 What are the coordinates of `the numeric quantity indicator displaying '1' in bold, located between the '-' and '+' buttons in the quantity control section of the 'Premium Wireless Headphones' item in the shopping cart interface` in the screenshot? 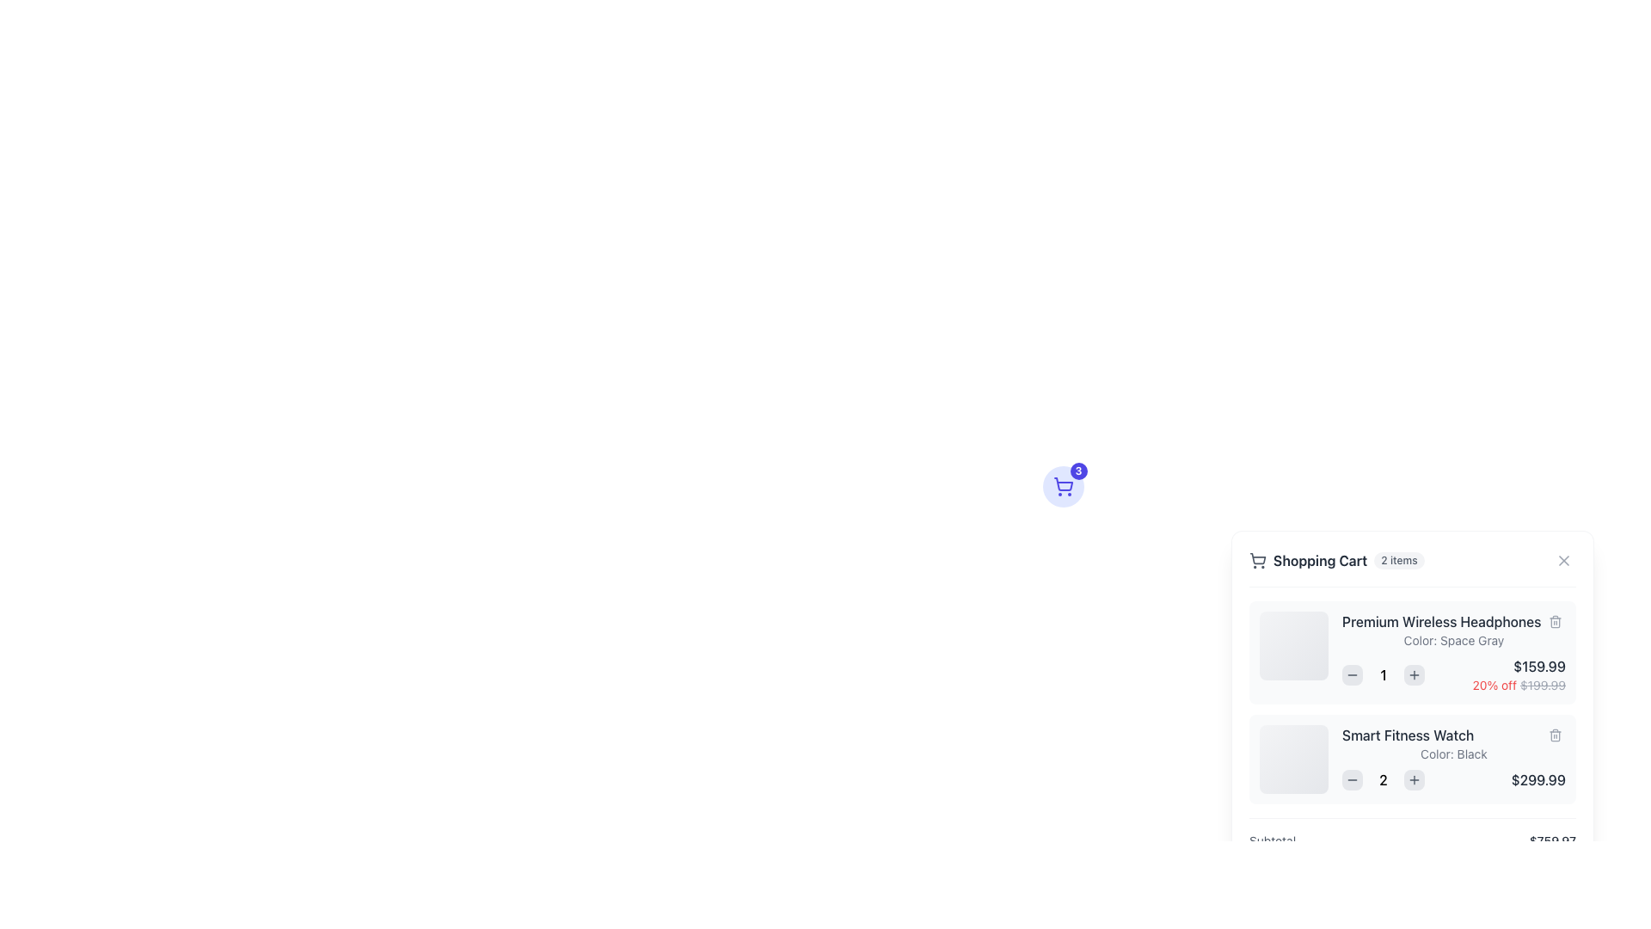 It's located at (1383, 674).